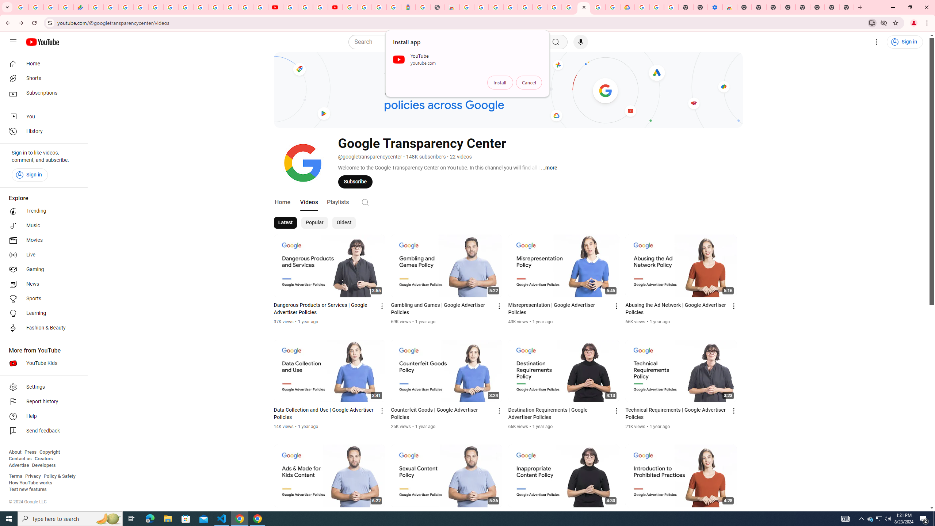 This screenshot has height=526, width=935. What do you see at coordinates (49, 452) in the screenshot?
I see `'Copyright'` at bounding box center [49, 452].